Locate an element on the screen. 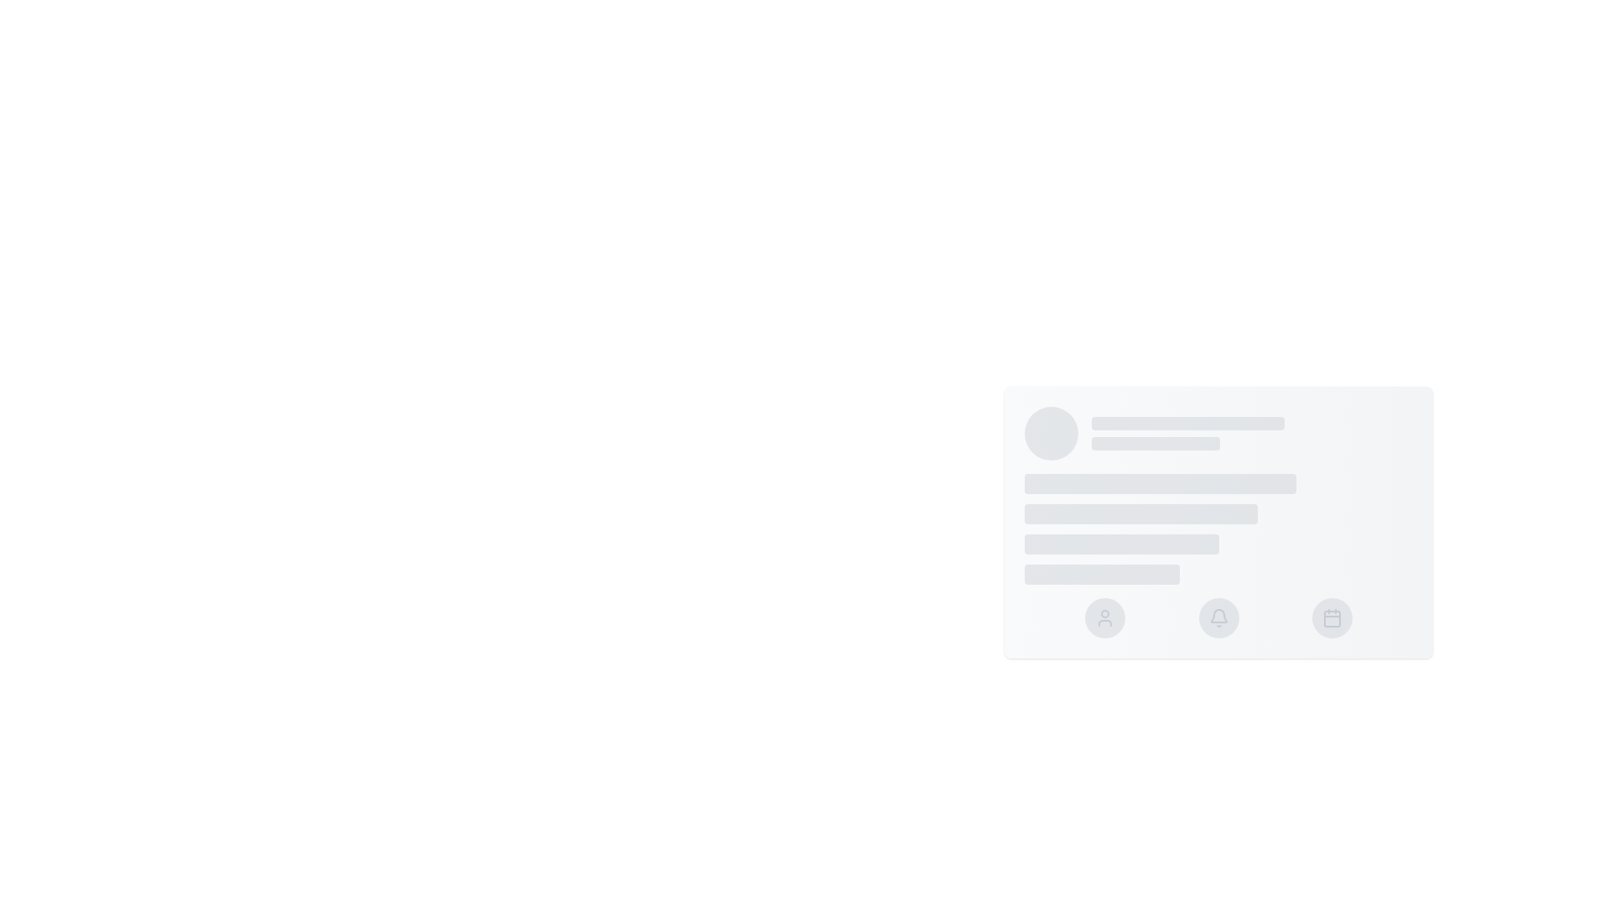  the Loading placeholder element, which represents a loading state for content that will appear in the interface is located at coordinates (1187, 423).